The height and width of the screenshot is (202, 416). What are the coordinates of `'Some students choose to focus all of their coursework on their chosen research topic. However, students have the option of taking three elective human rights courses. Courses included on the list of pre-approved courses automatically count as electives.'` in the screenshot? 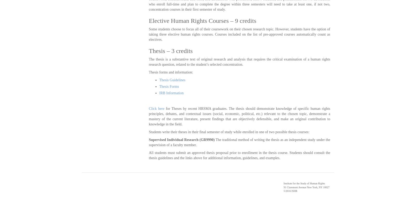 It's located at (148, 34).